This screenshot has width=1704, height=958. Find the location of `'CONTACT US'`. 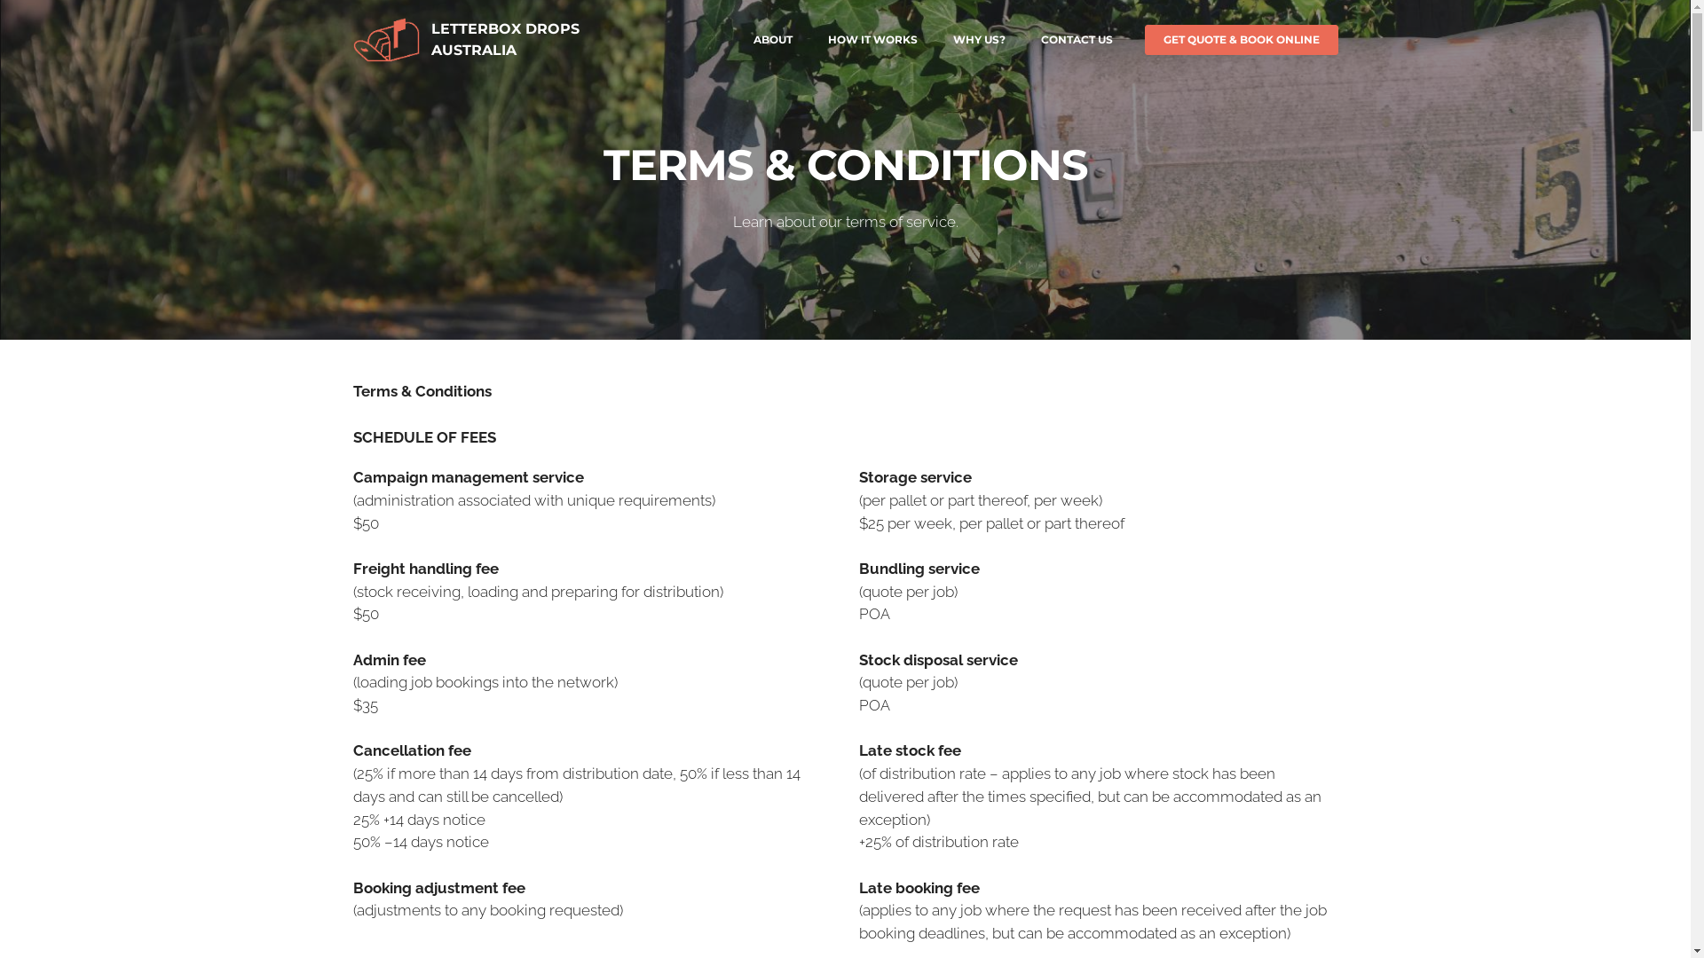

'CONTACT US' is located at coordinates (1075, 40).